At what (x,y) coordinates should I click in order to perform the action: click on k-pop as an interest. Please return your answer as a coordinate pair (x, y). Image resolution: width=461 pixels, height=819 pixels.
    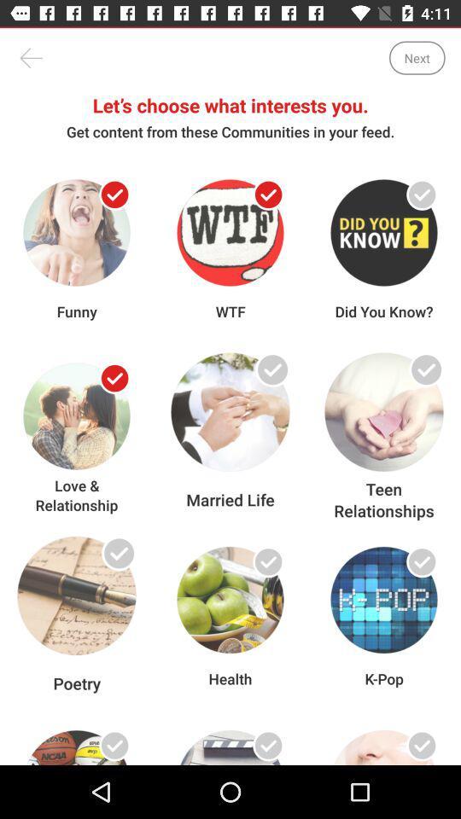
    Looking at the image, I should click on (421, 561).